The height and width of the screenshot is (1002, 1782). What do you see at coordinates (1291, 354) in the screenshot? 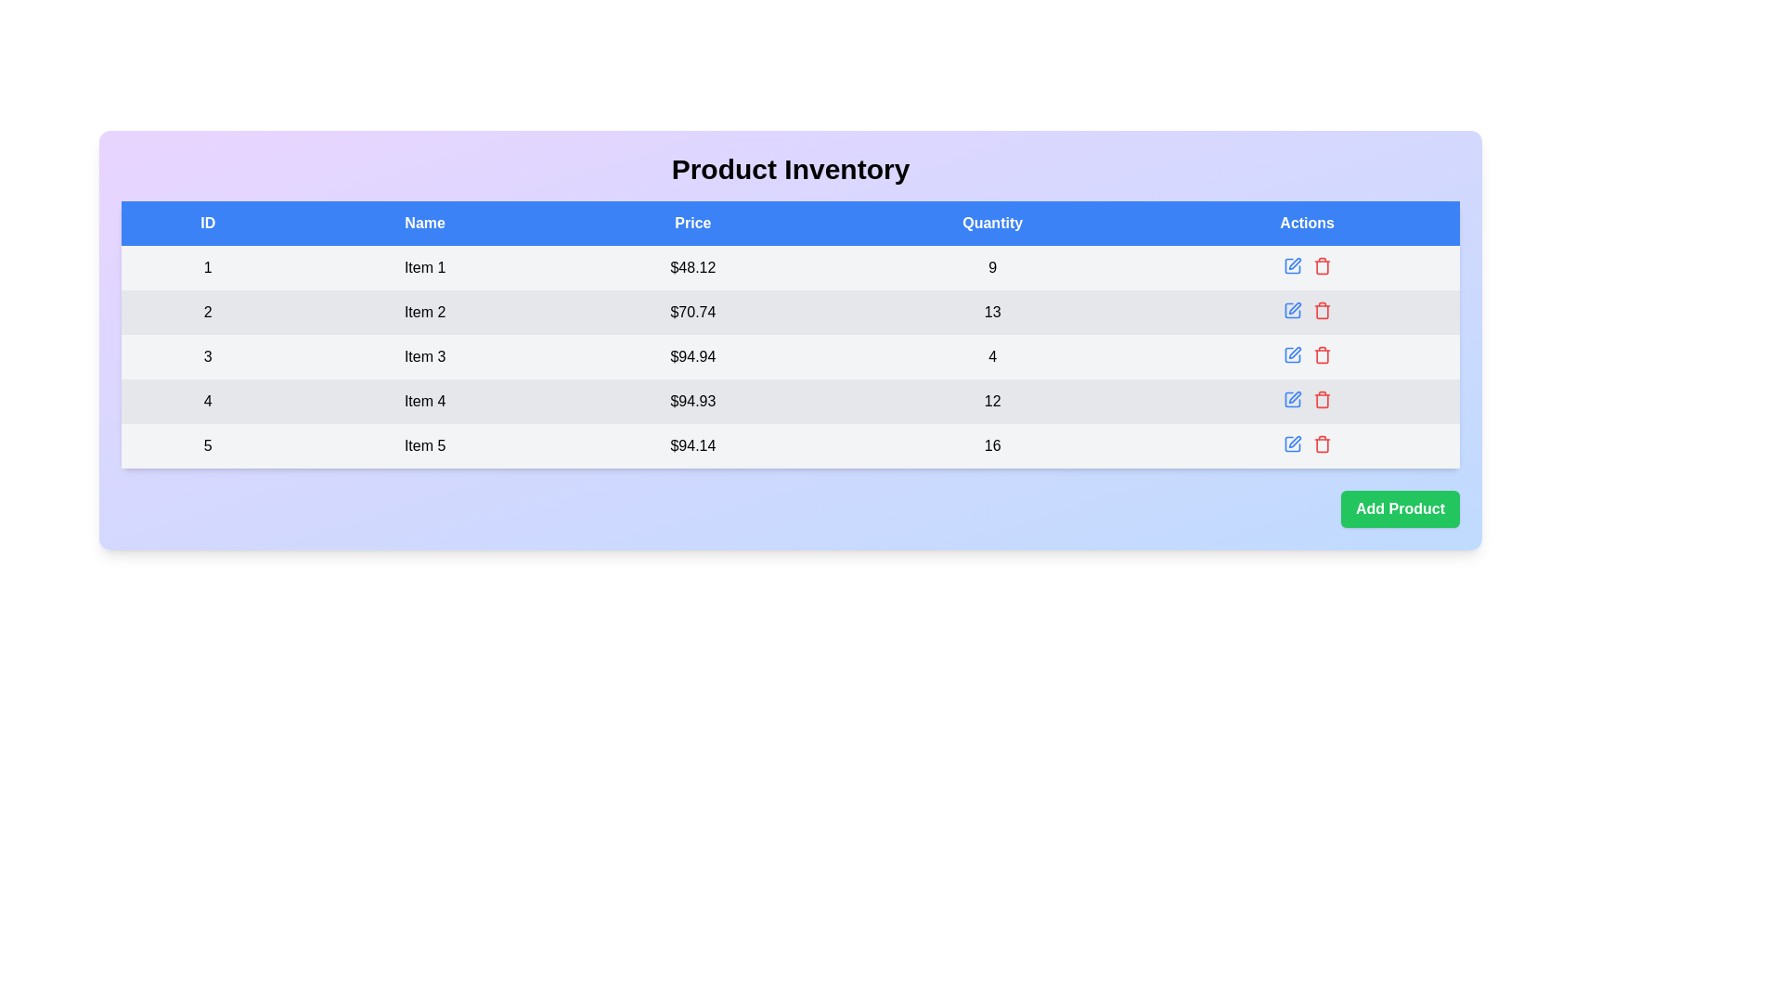
I see `the SVG graphic icon in the 'Actions' column of the fourth row of the table, which represents an editing action, located slightly left of the trash icon` at bounding box center [1291, 354].